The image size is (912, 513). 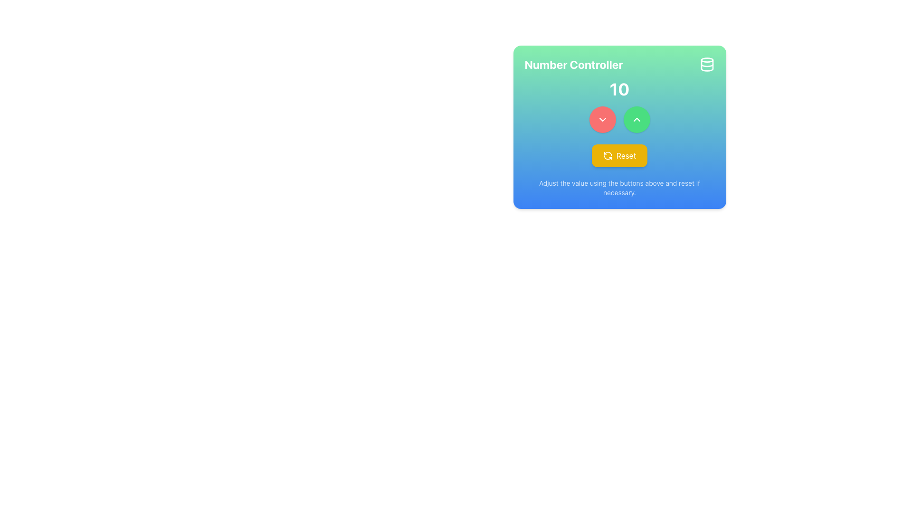 What do you see at coordinates (636, 119) in the screenshot?
I see `the increment button located to the right of the red button with a downward-pointing chevron icon to observe any visual effects` at bounding box center [636, 119].